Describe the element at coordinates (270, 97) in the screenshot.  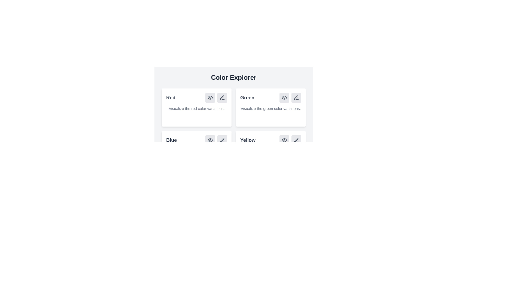
I see `the composite element representing the green color in the Color Explorer interface to potentially see a tooltip` at that location.